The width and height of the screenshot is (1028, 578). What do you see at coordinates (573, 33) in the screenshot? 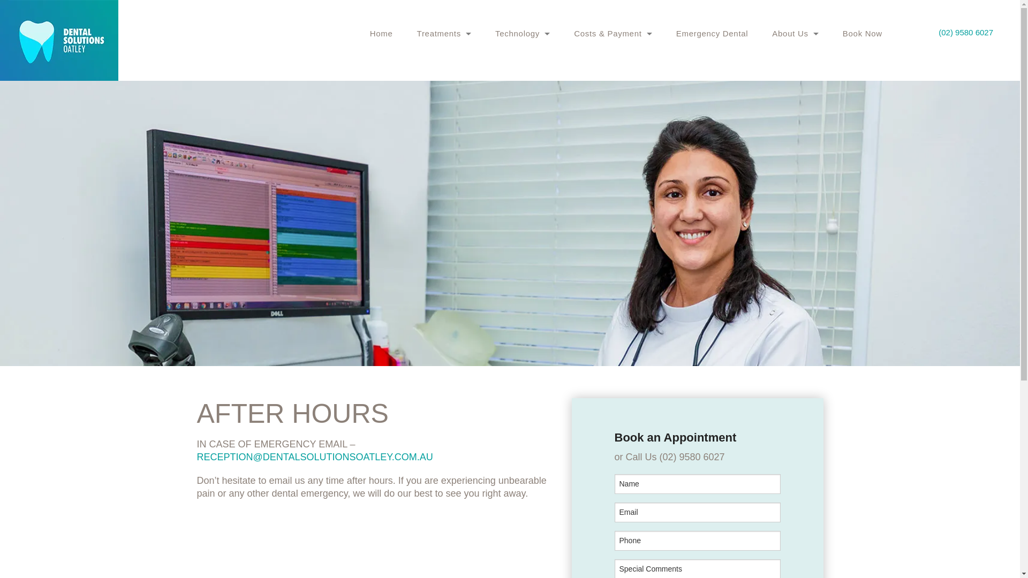
I see `'Costs & Payment'` at bounding box center [573, 33].